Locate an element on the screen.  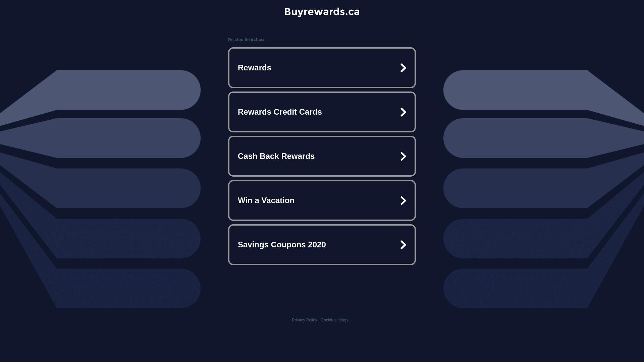
'Win a Vacation' is located at coordinates (322, 200).